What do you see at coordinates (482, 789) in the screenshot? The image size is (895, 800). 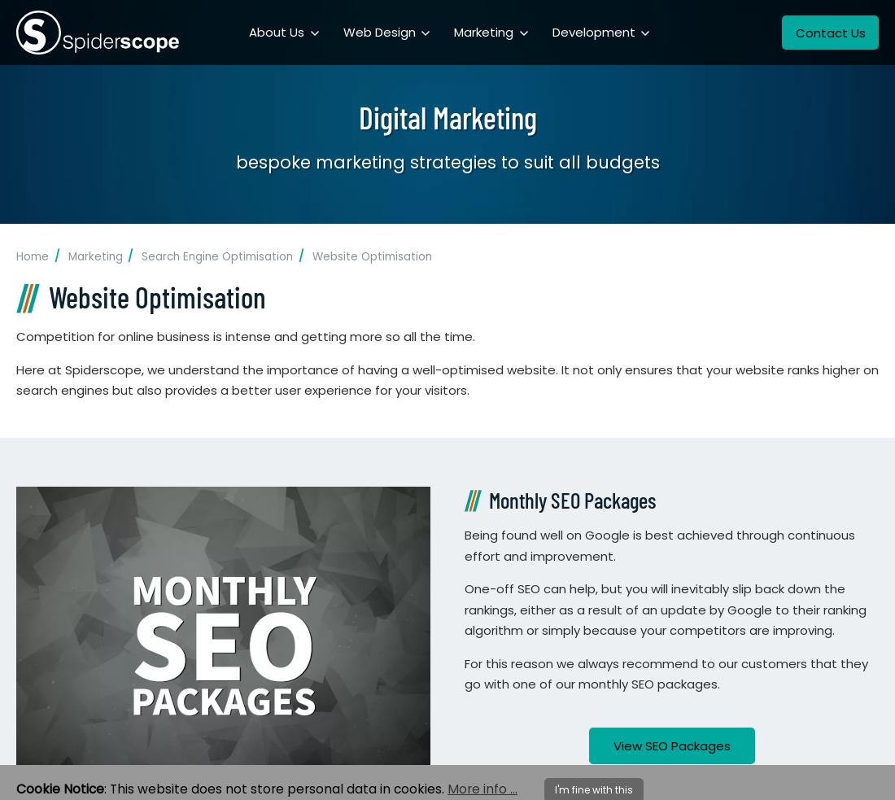 I see `'More info ...'` at bounding box center [482, 789].